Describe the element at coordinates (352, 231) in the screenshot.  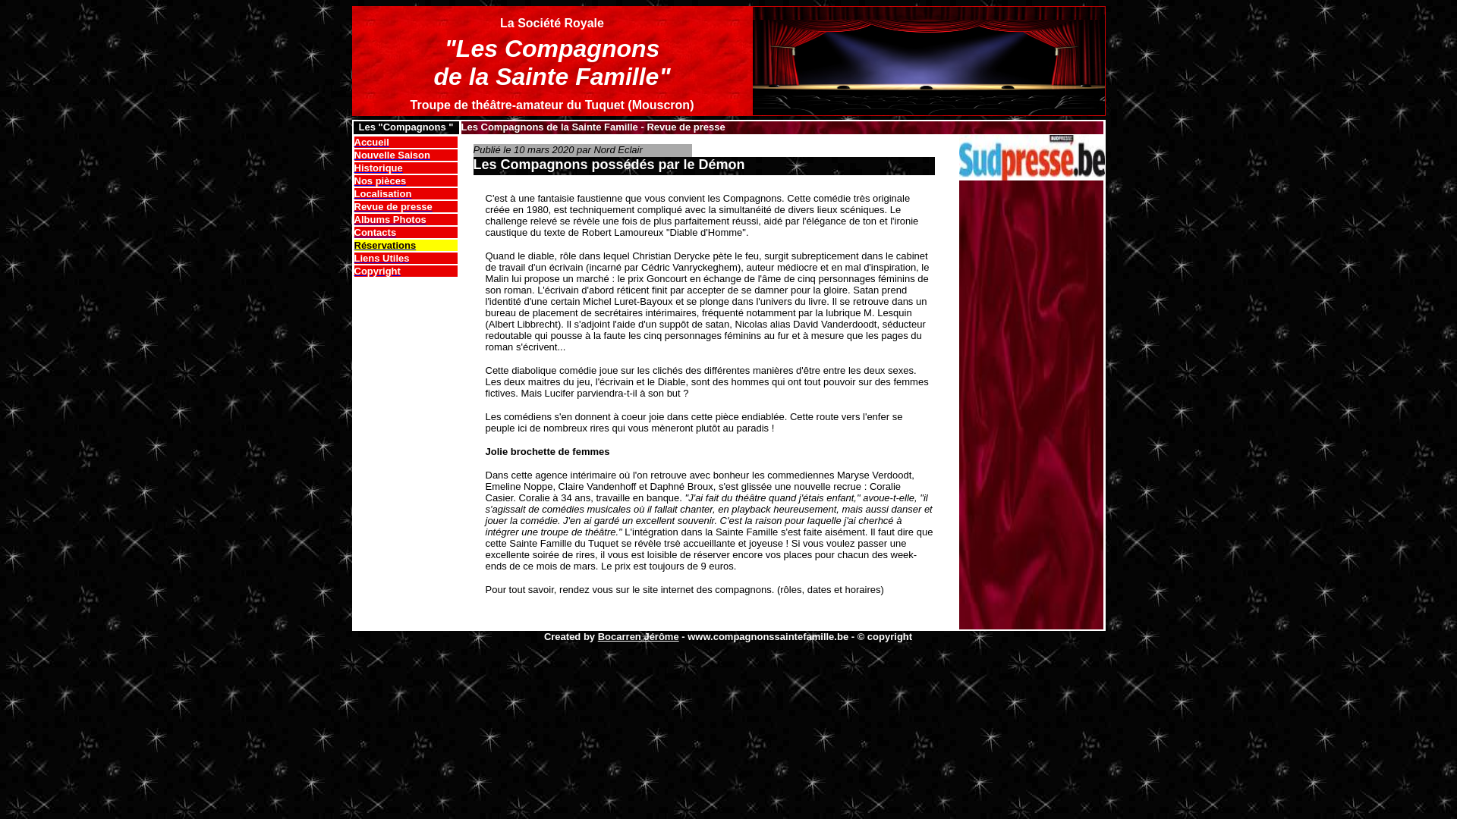
I see `'Contacts'` at that location.